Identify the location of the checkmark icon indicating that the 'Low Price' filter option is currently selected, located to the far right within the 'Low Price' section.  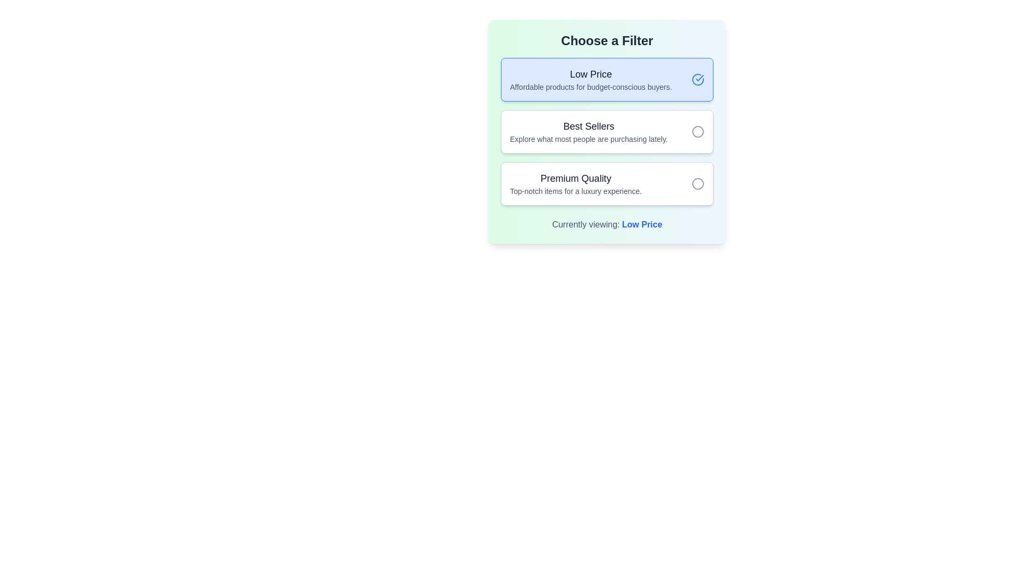
(698, 79).